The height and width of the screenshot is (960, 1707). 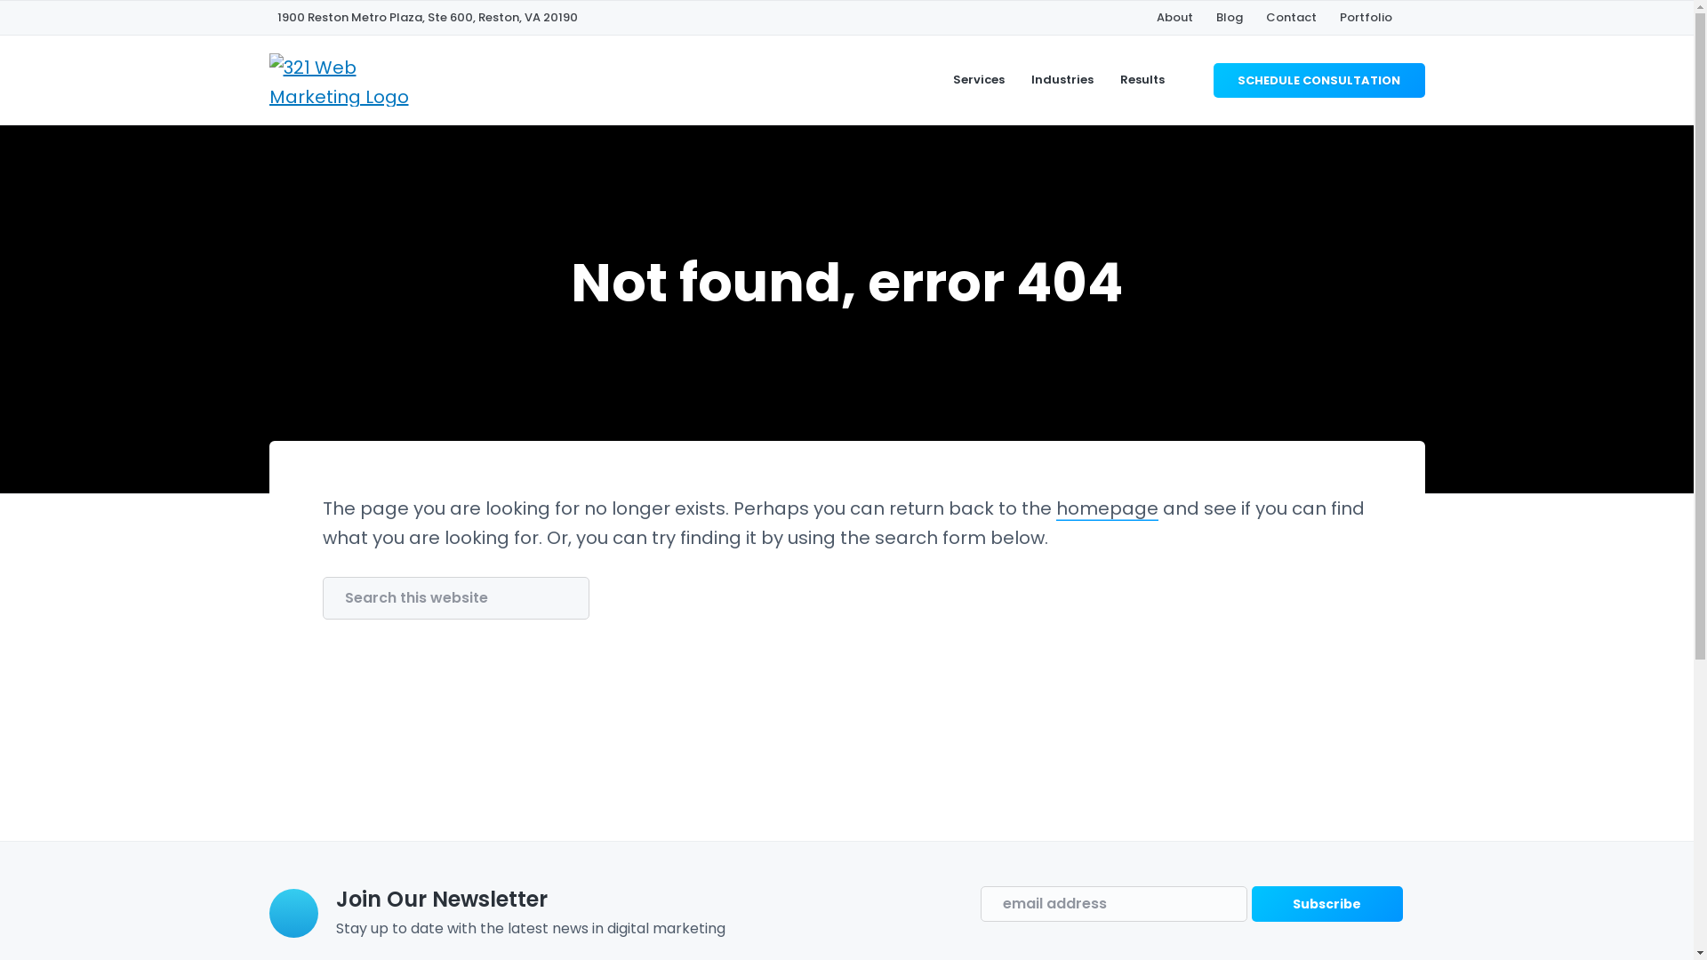 I want to click on 'Search', so click(x=73, y=20).